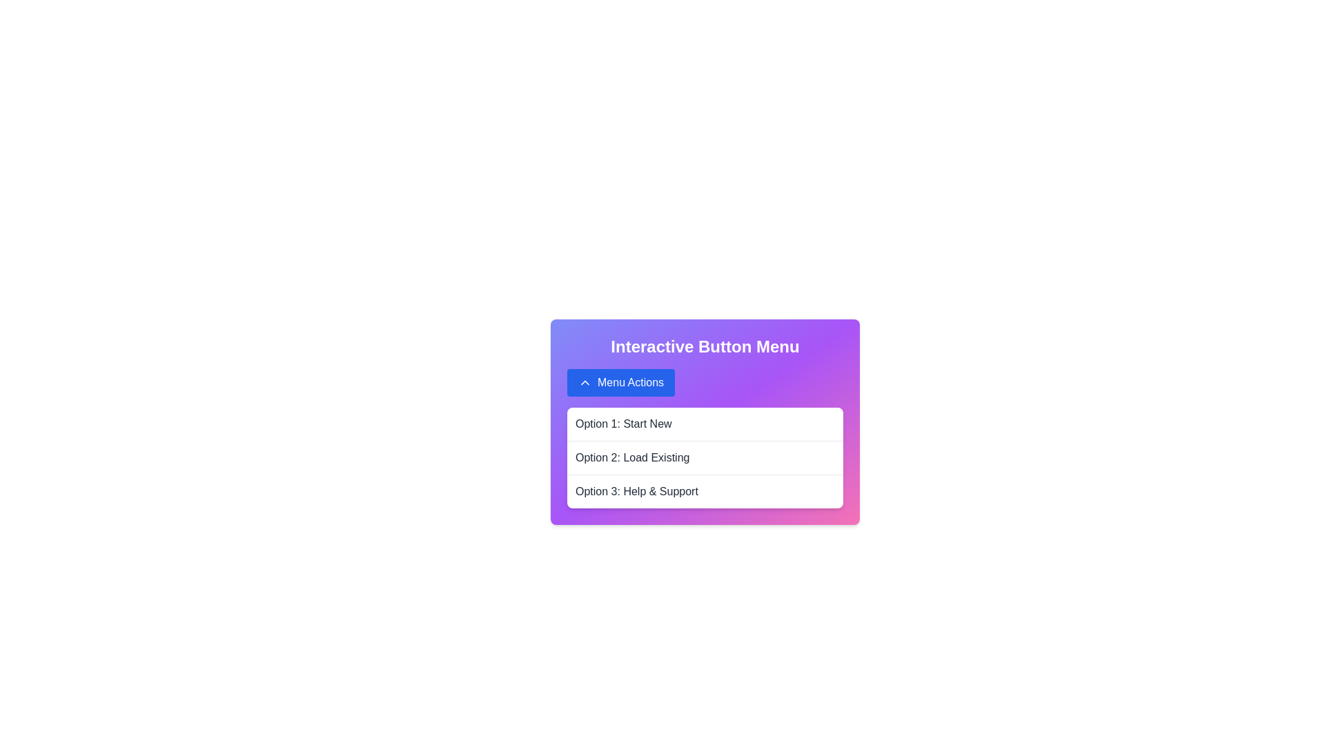 The height and width of the screenshot is (745, 1325). I want to click on the 'Option 3: Help & Support' button, so click(705, 490).